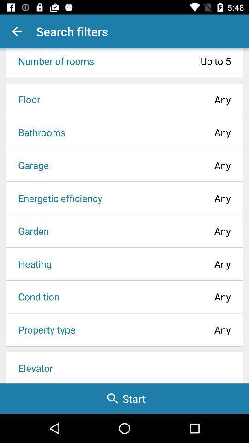 The height and width of the screenshot is (443, 249). What do you see at coordinates (26, 99) in the screenshot?
I see `the item next to the any icon` at bounding box center [26, 99].